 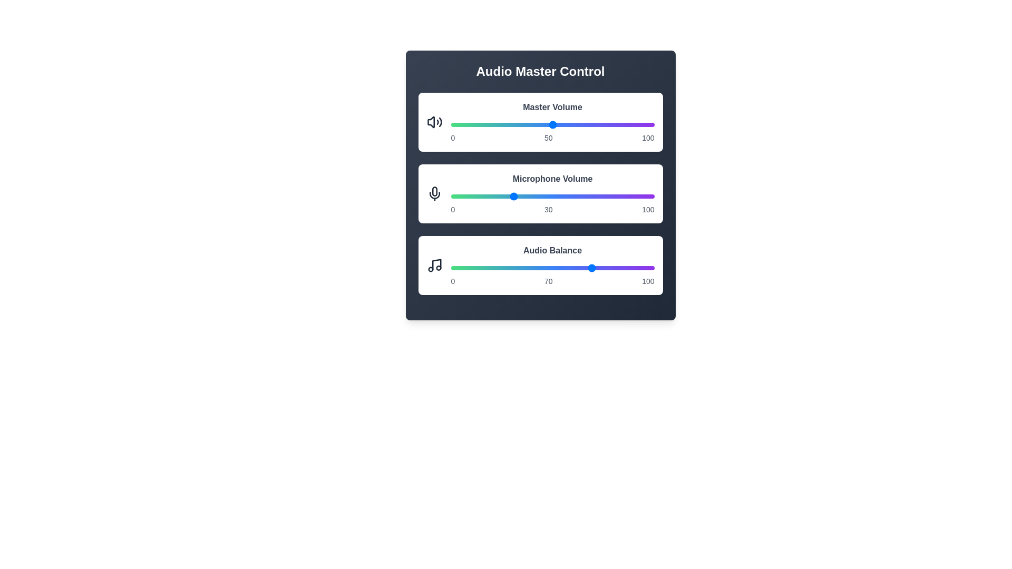 I want to click on the balance icon to focus on the respective control, so click(x=434, y=265).